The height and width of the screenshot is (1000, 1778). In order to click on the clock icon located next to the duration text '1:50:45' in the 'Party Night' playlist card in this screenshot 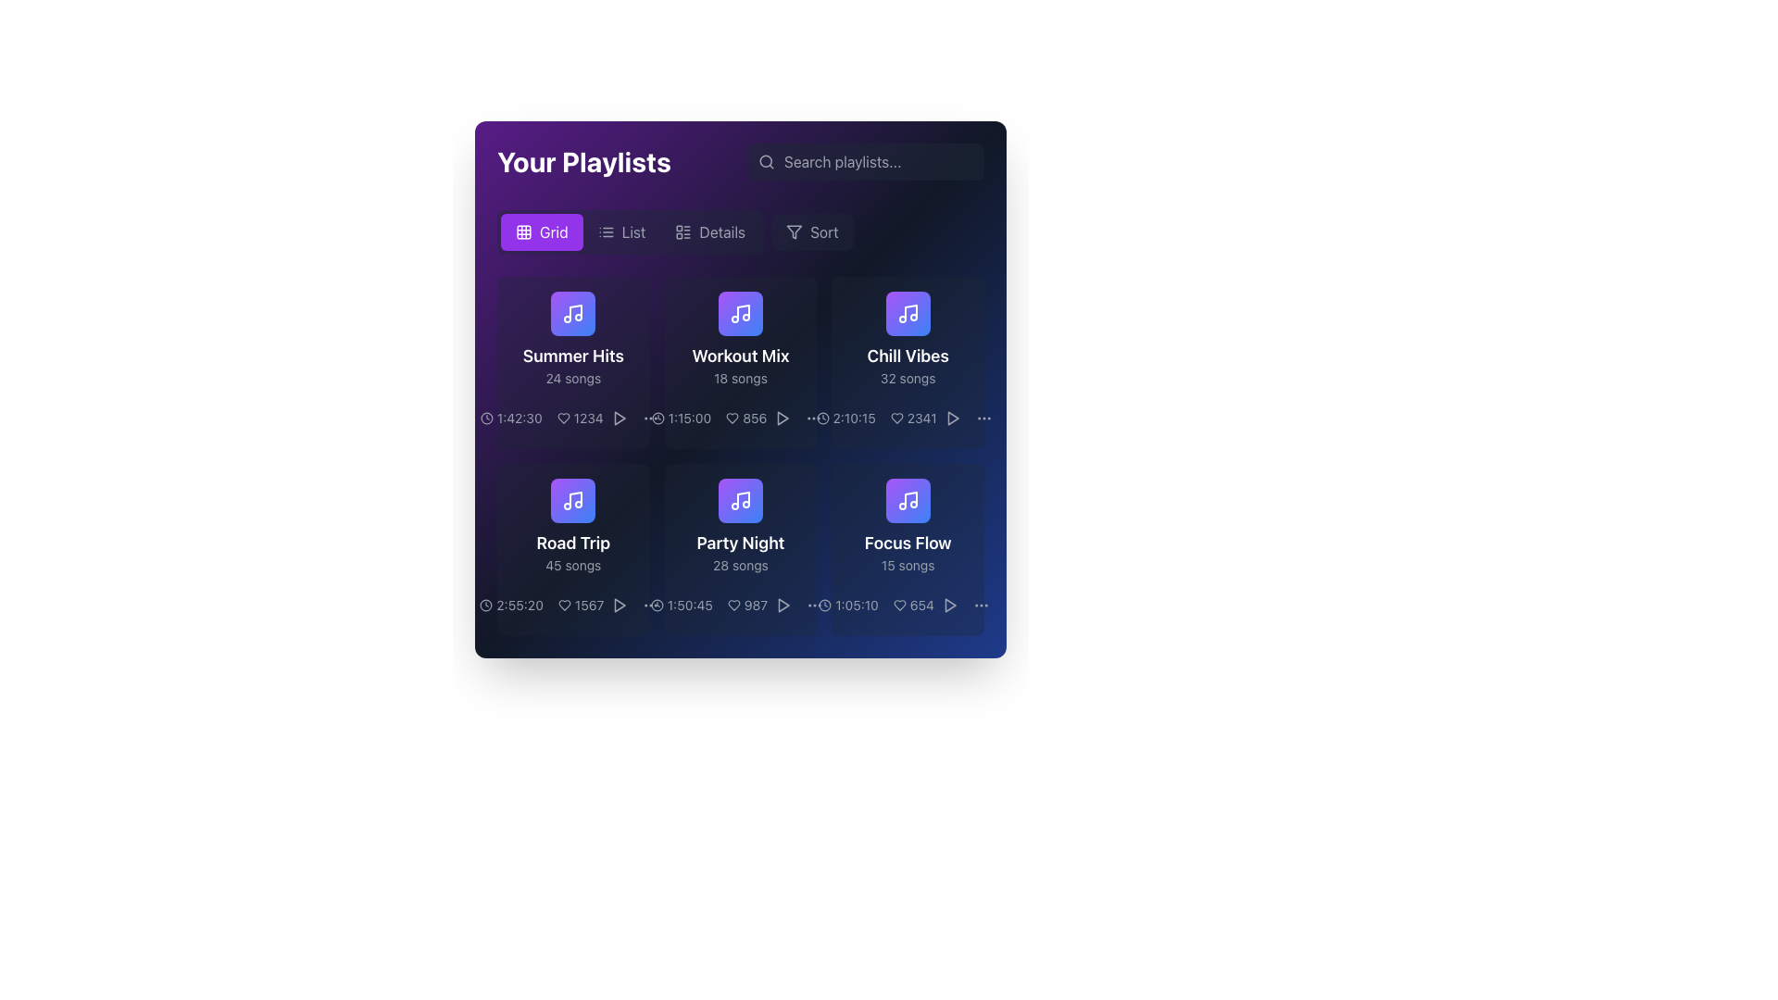, I will do `click(657, 606)`.